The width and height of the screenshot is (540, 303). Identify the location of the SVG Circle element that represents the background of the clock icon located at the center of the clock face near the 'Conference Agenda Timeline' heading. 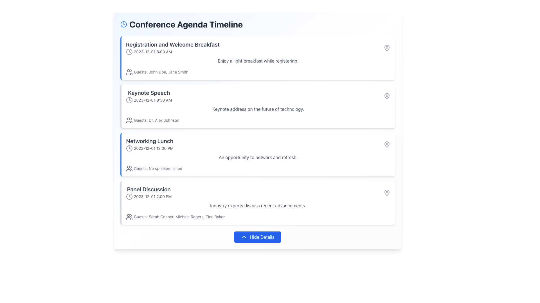
(123, 24).